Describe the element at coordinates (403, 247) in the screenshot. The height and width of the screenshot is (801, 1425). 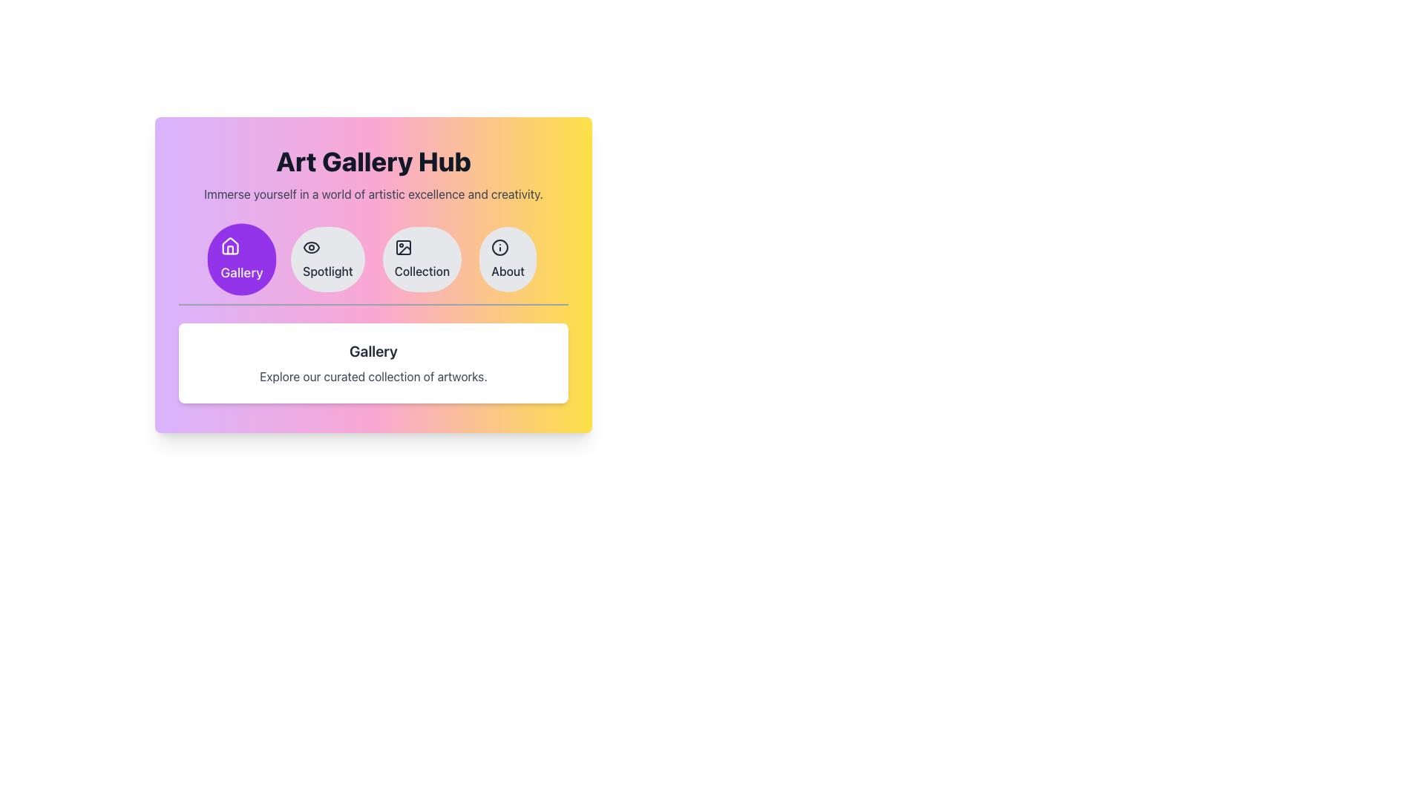
I see `the 'Collection' button, which features a minimalistic landscape outline icon, located as the third button in a row of four below the header` at that location.